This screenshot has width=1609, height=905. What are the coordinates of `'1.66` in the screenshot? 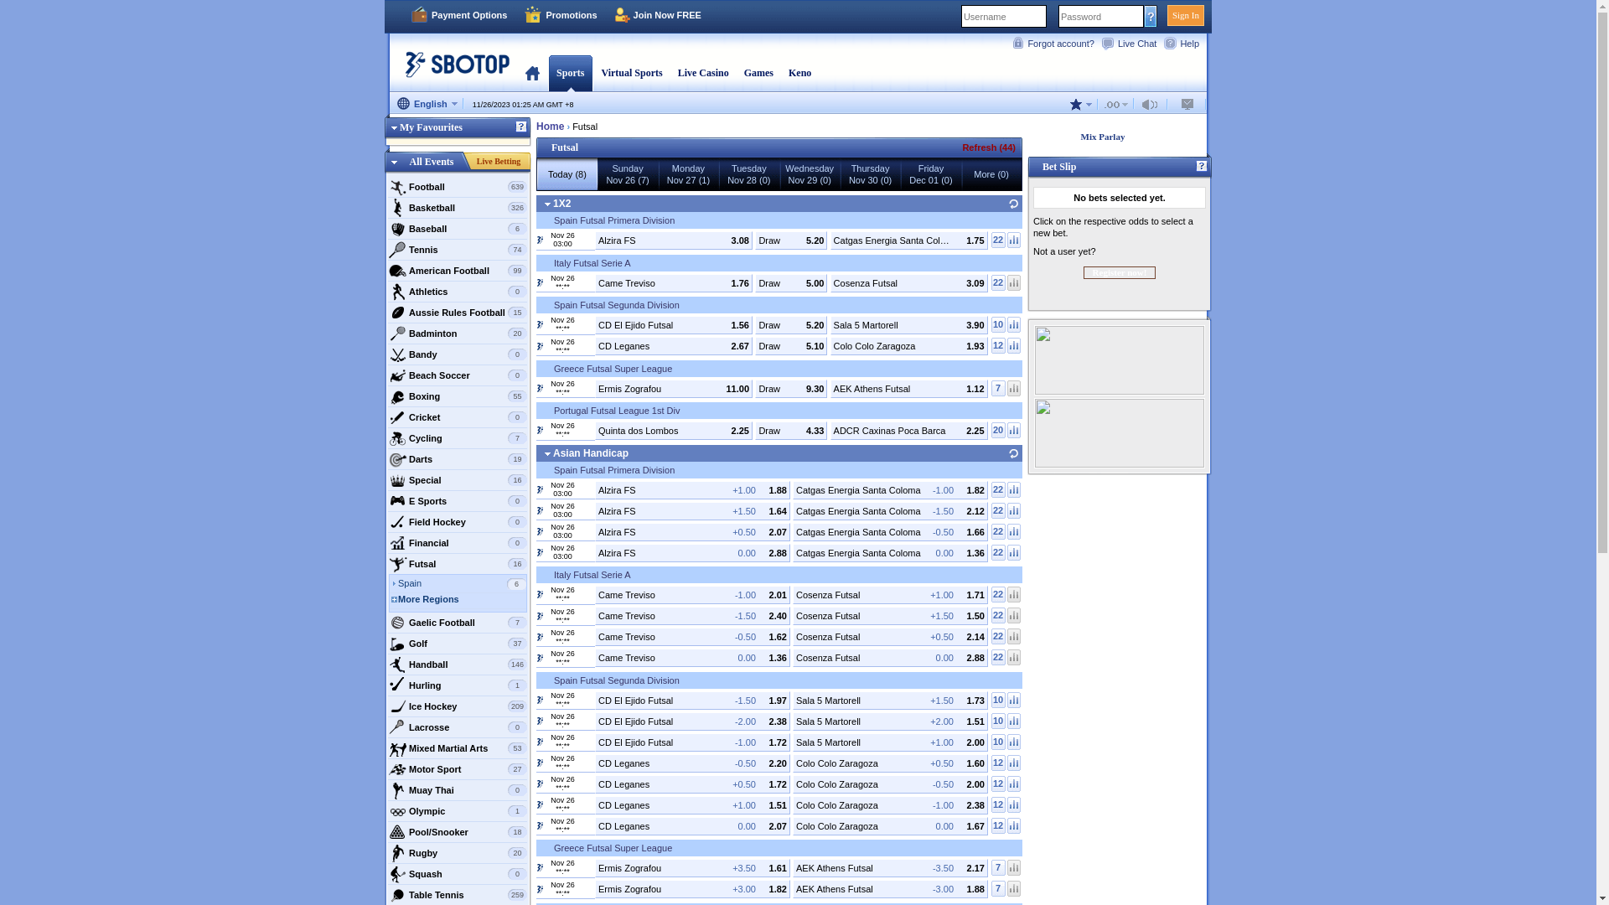 It's located at (889, 532).